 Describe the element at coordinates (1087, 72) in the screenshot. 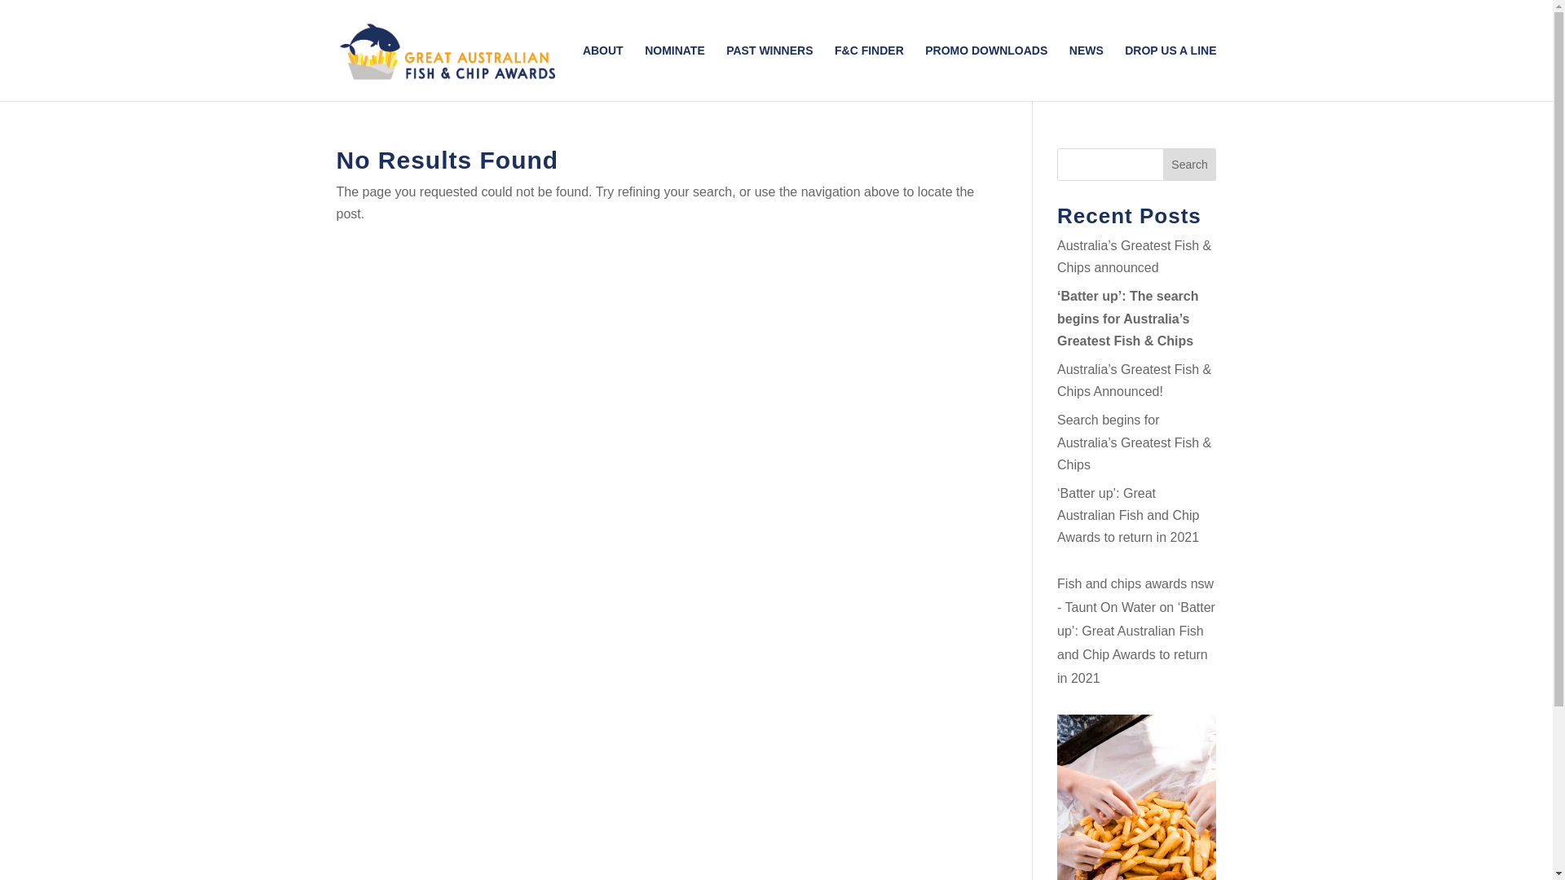

I see `'NEWS'` at that location.